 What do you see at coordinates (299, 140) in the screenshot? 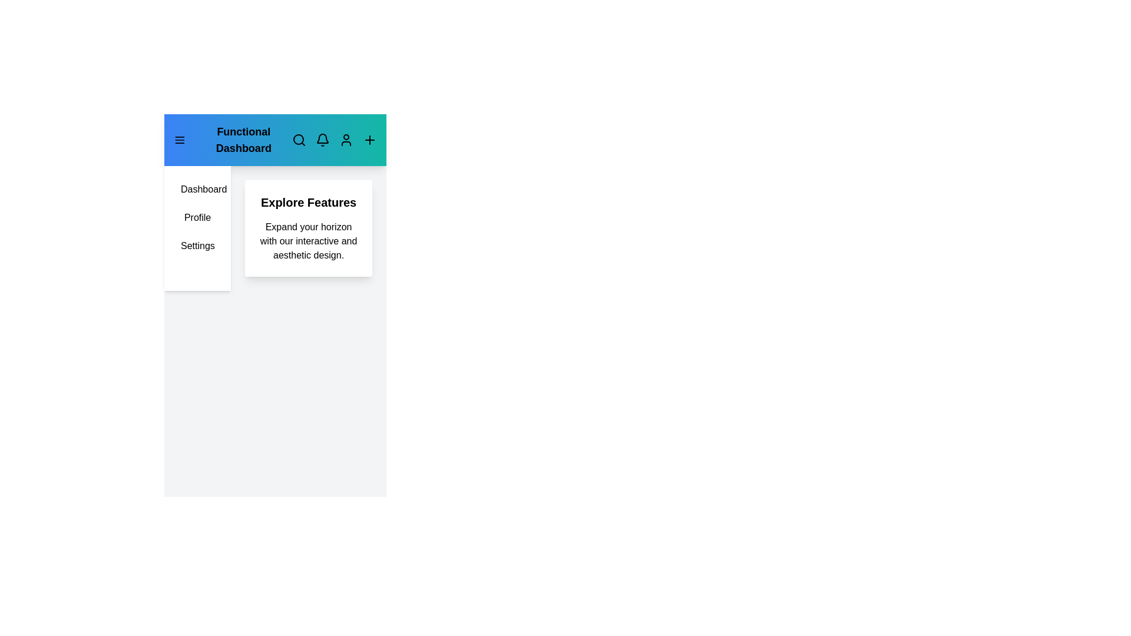
I see `the search icon to access the search functionality` at bounding box center [299, 140].